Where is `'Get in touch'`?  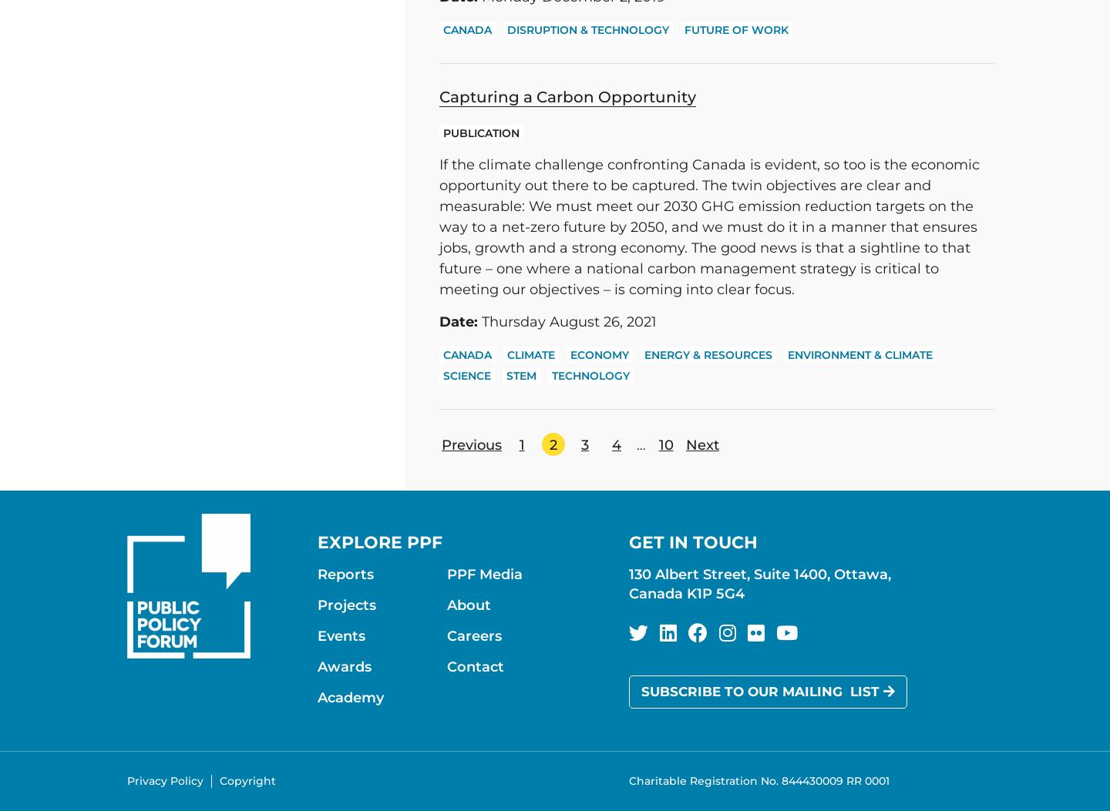
'Get in touch' is located at coordinates (629, 542).